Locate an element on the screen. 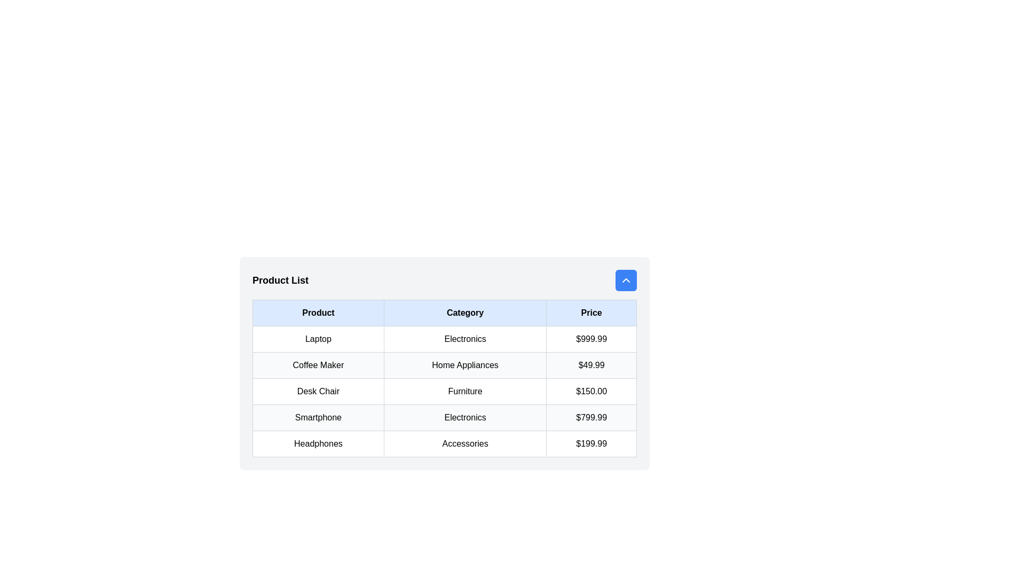 This screenshot has height=577, width=1025. the 'Category' text label in the table row for 'Desk Chair' which indicates the product category is located at coordinates (465, 391).